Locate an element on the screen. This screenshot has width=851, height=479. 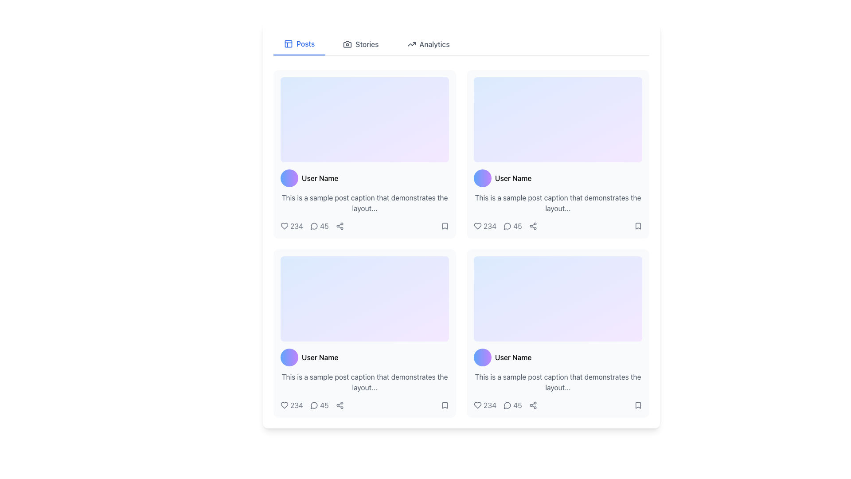
the static text label displaying 'User Name' which is positioned beside a circular avatar within the bottom-right content card is located at coordinates (513, 357).